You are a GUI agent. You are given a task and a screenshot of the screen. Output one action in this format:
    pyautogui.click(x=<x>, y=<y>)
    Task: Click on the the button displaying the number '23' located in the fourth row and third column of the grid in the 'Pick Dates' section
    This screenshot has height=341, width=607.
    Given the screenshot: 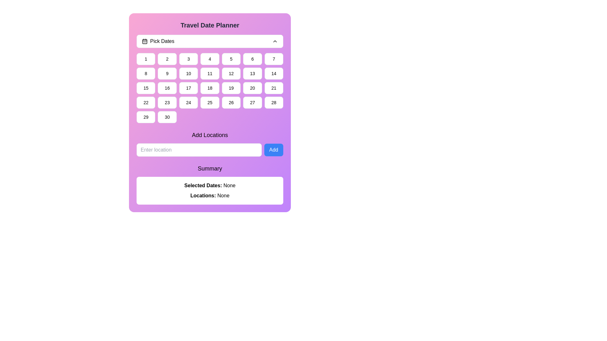 What is the action you would take?
    pyautogui.click(x=167, y=102)
    